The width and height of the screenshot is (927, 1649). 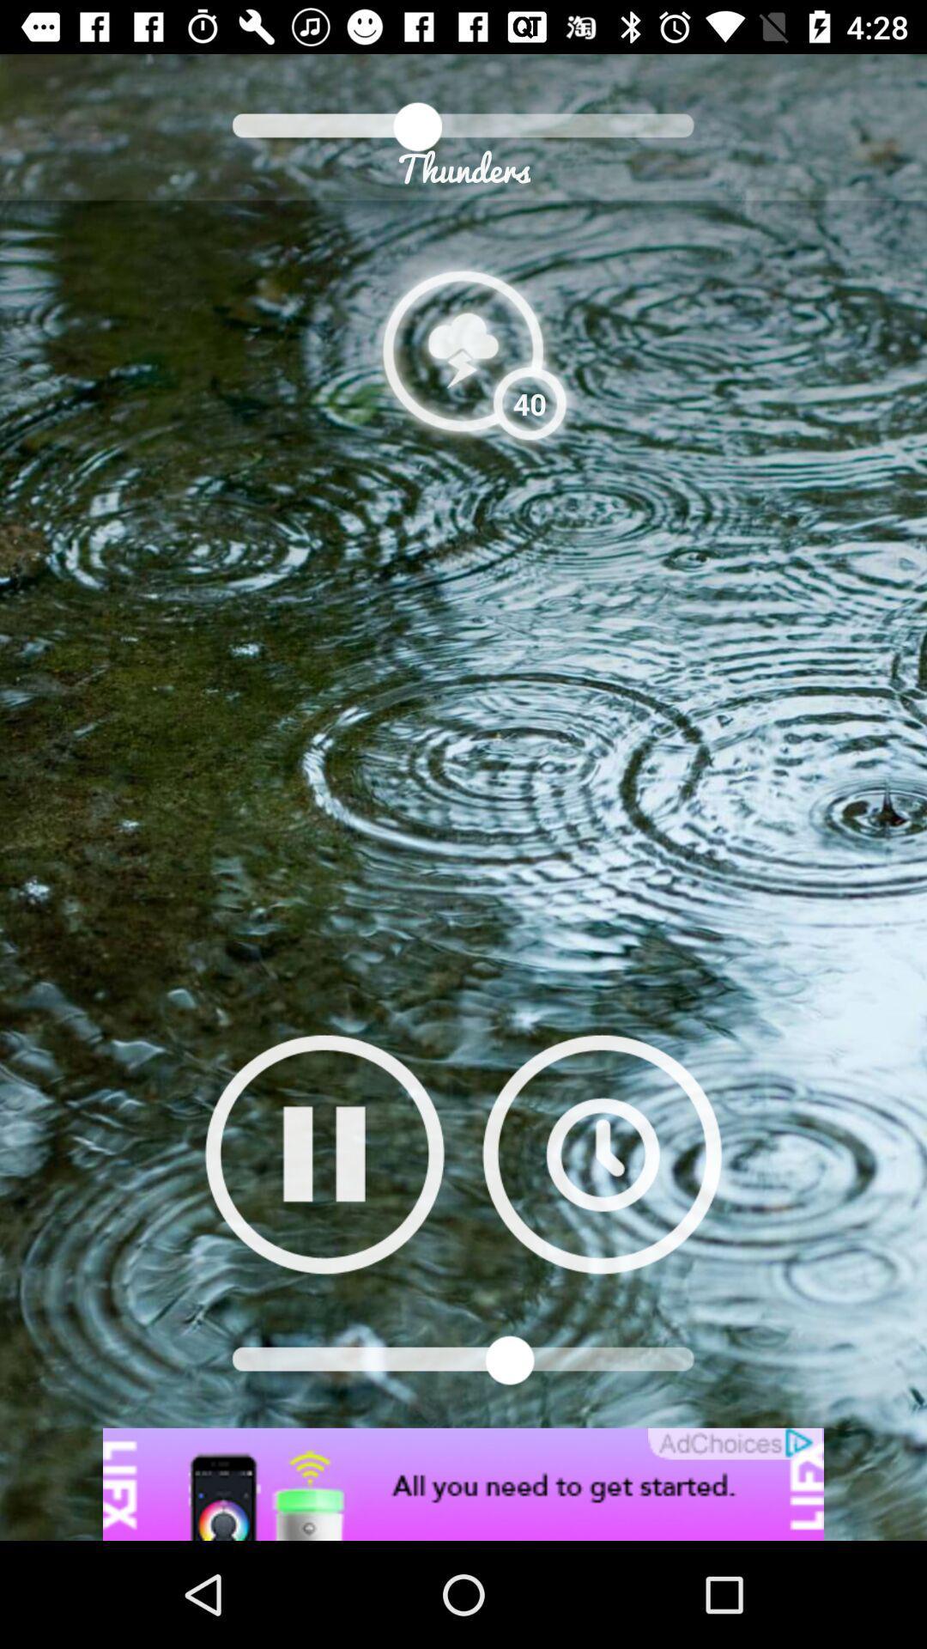 I want to click on advertisement, so click(x=463, y=1483).